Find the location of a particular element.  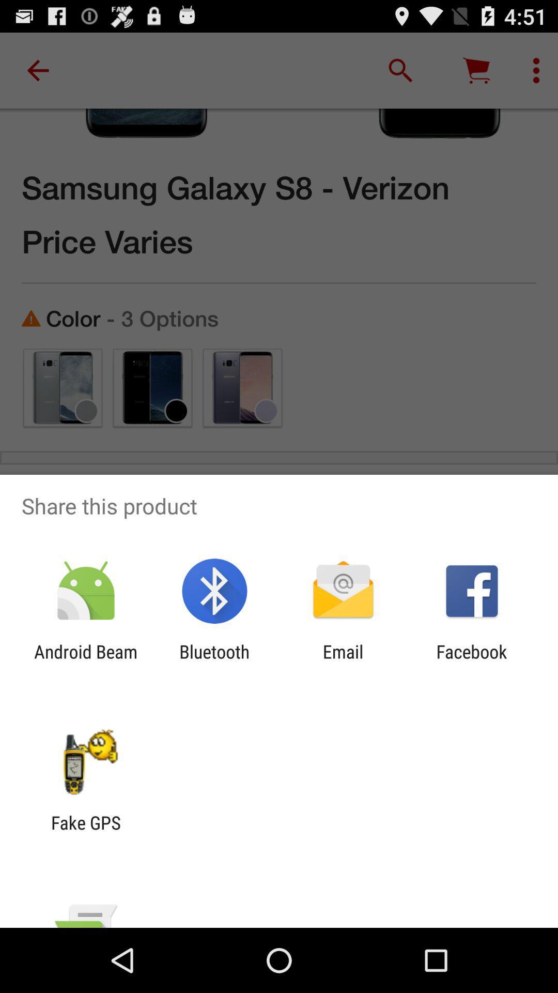

android beam icon is located at coordinates (85, 663).